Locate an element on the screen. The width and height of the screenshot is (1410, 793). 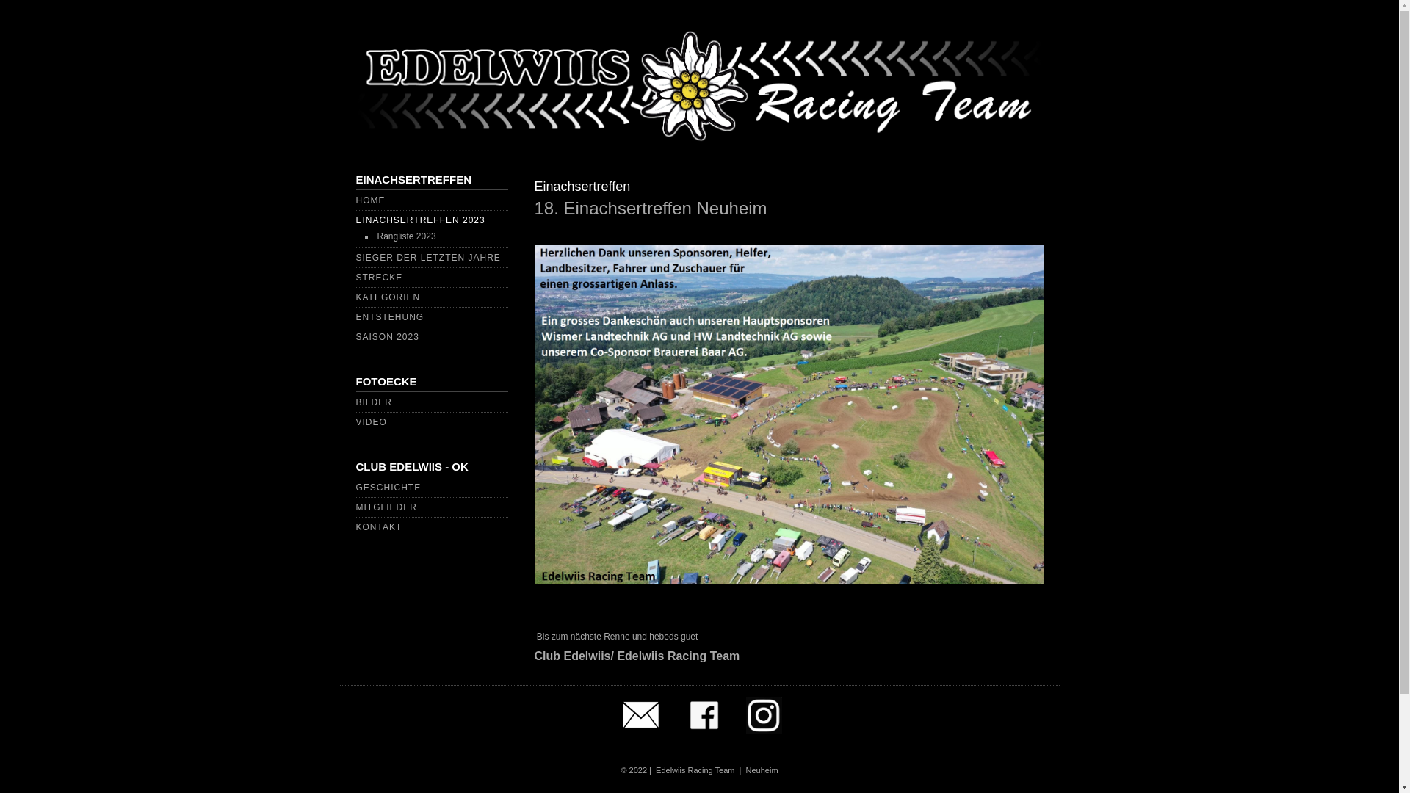
'BILDER' is located at coordinates (373, 402).